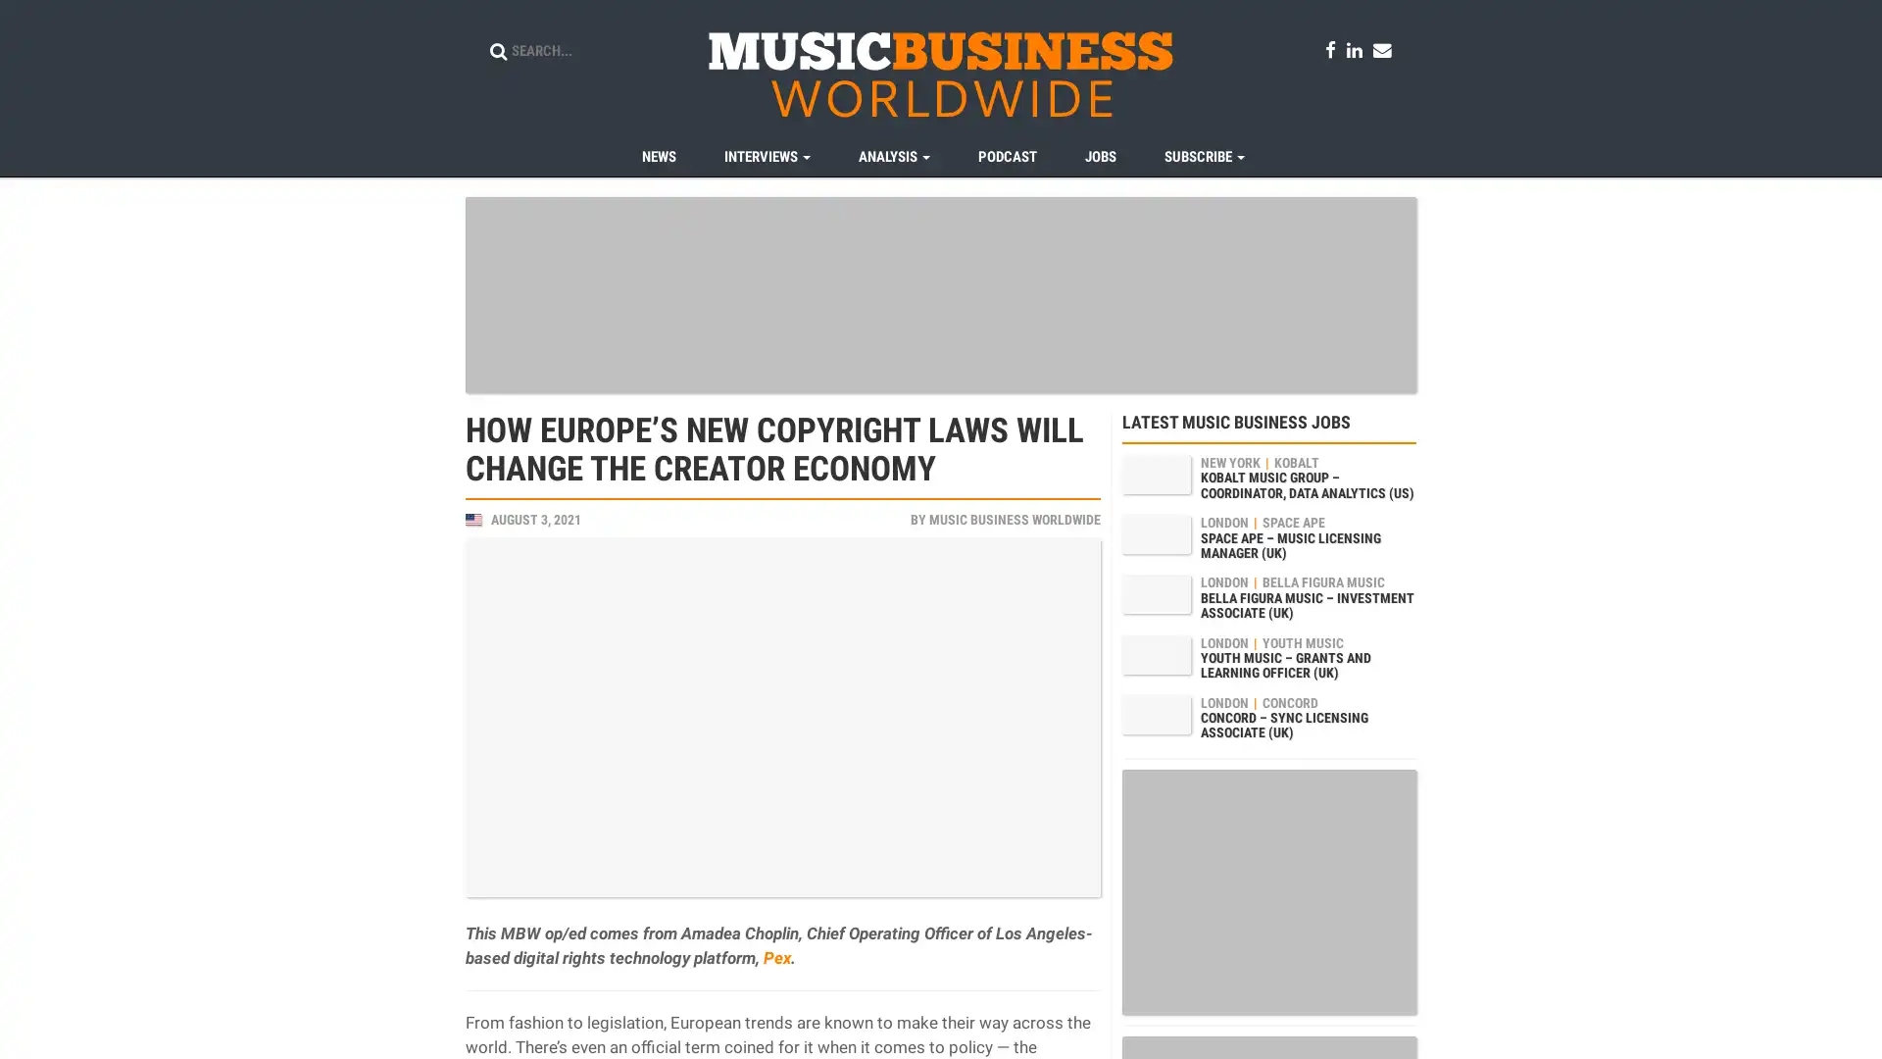 The width and height of the screenshot is (1882, 1059). What do you see at coordinates (998, 616) in the screenshot?
I see `CLOSE` at bounding box center [998, 616].